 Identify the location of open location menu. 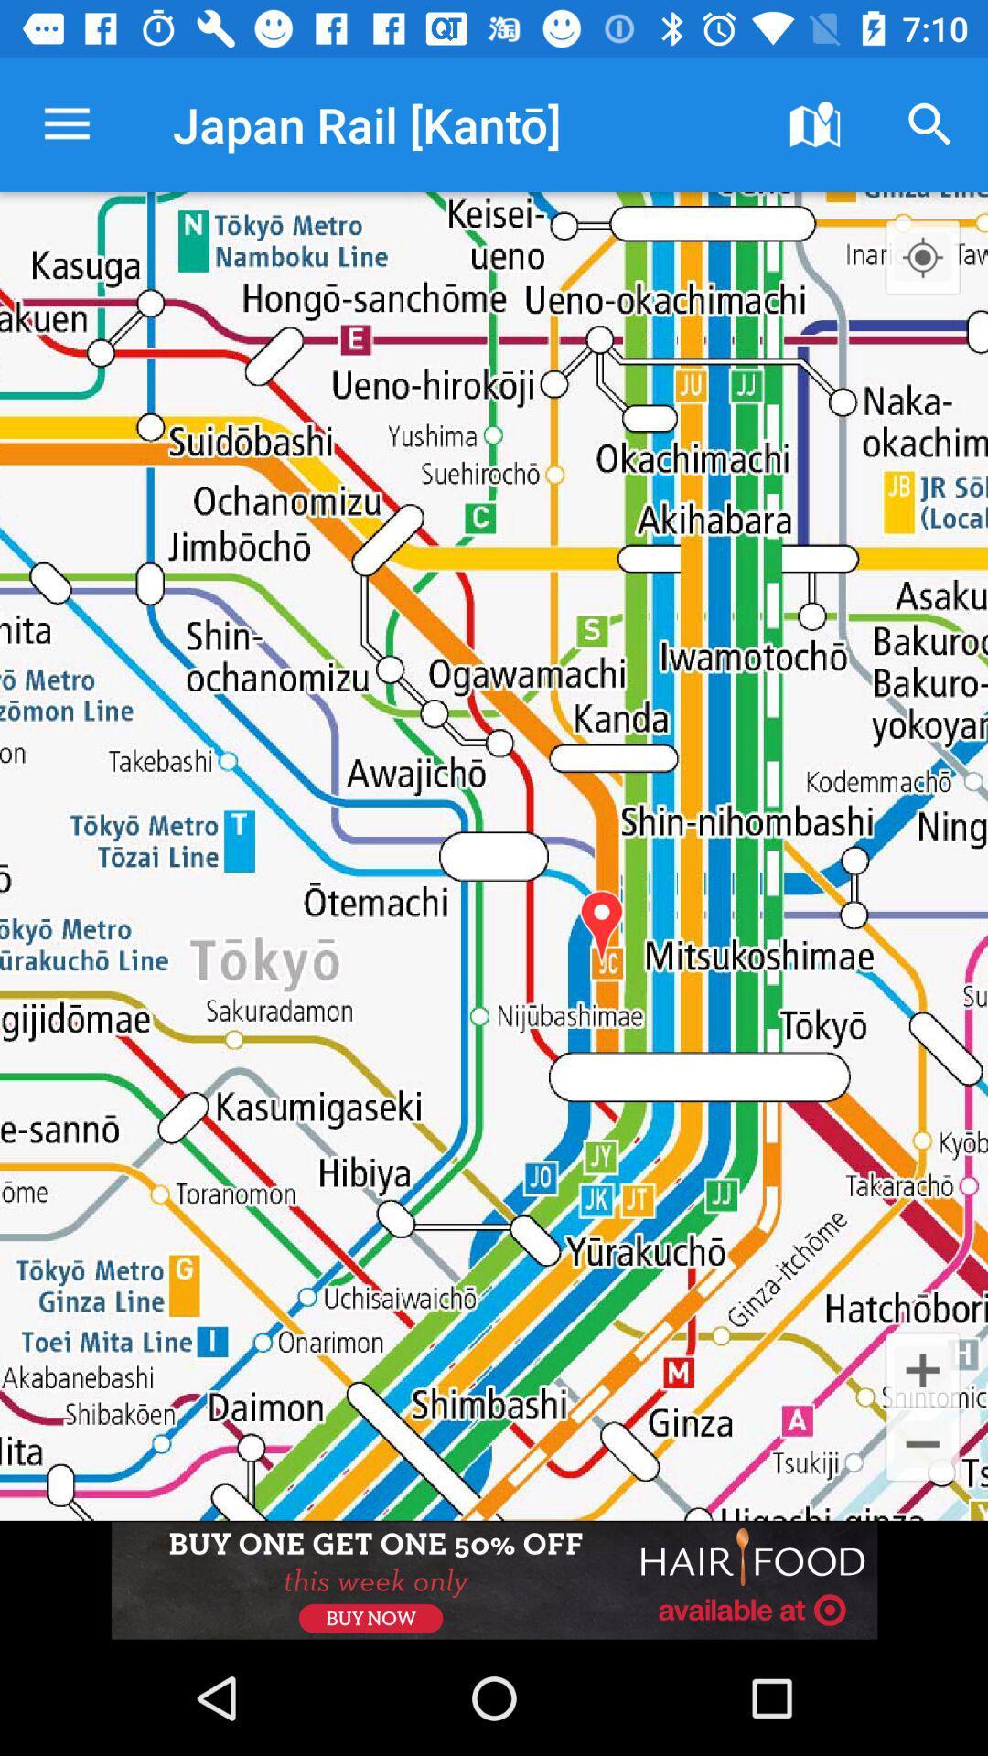
(922, 256).